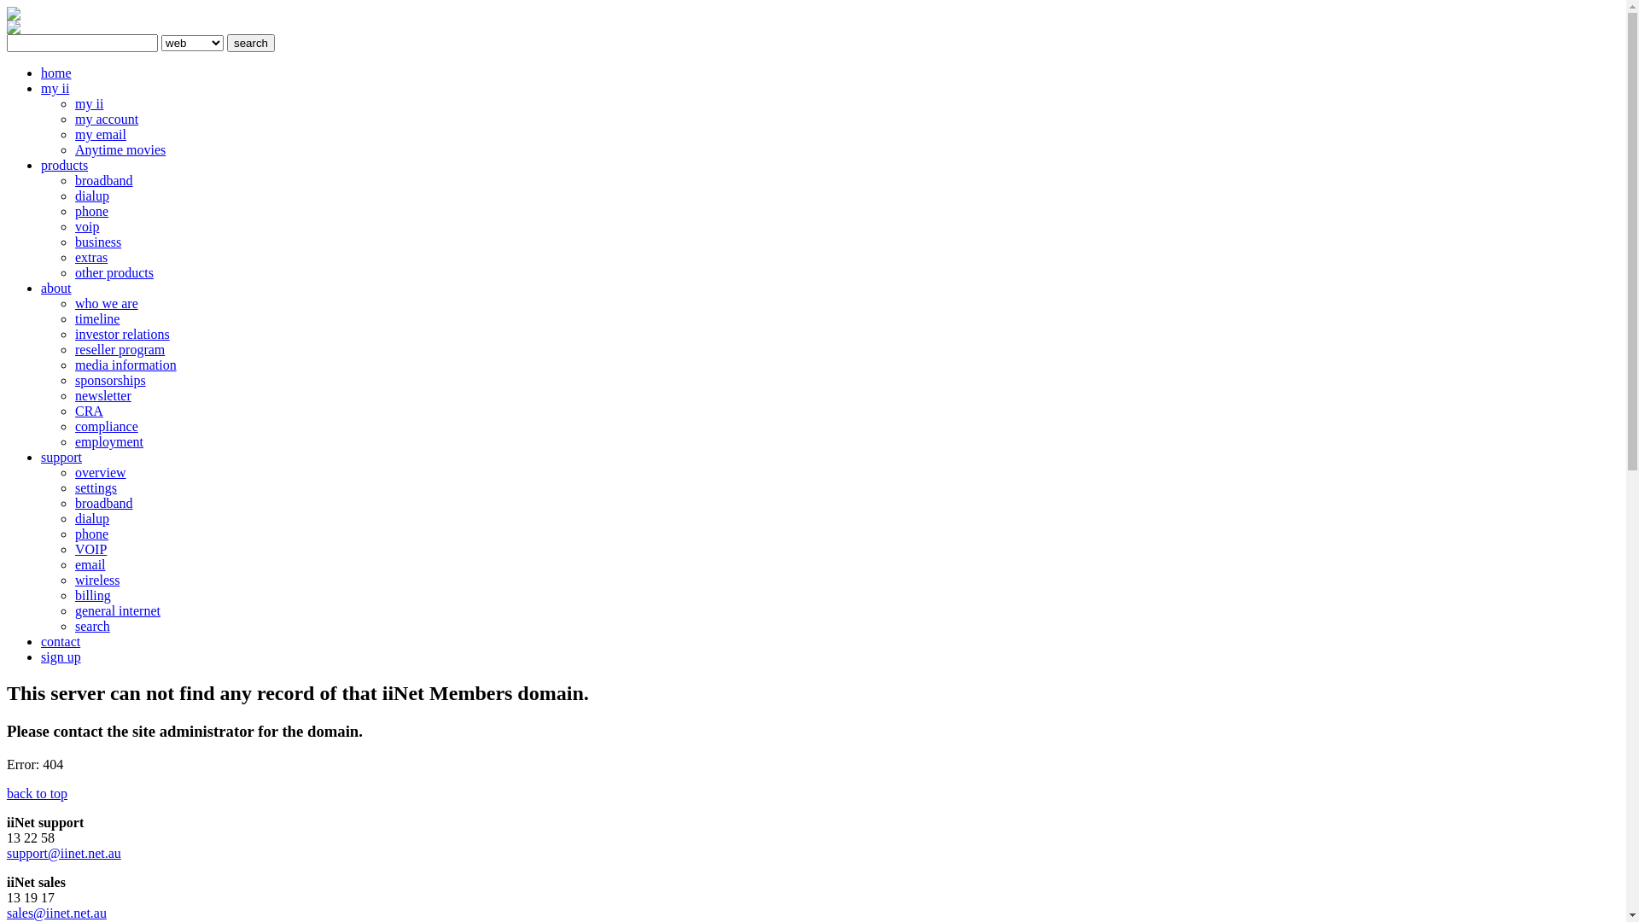  I want to click on 'contact', so click(61, 641).